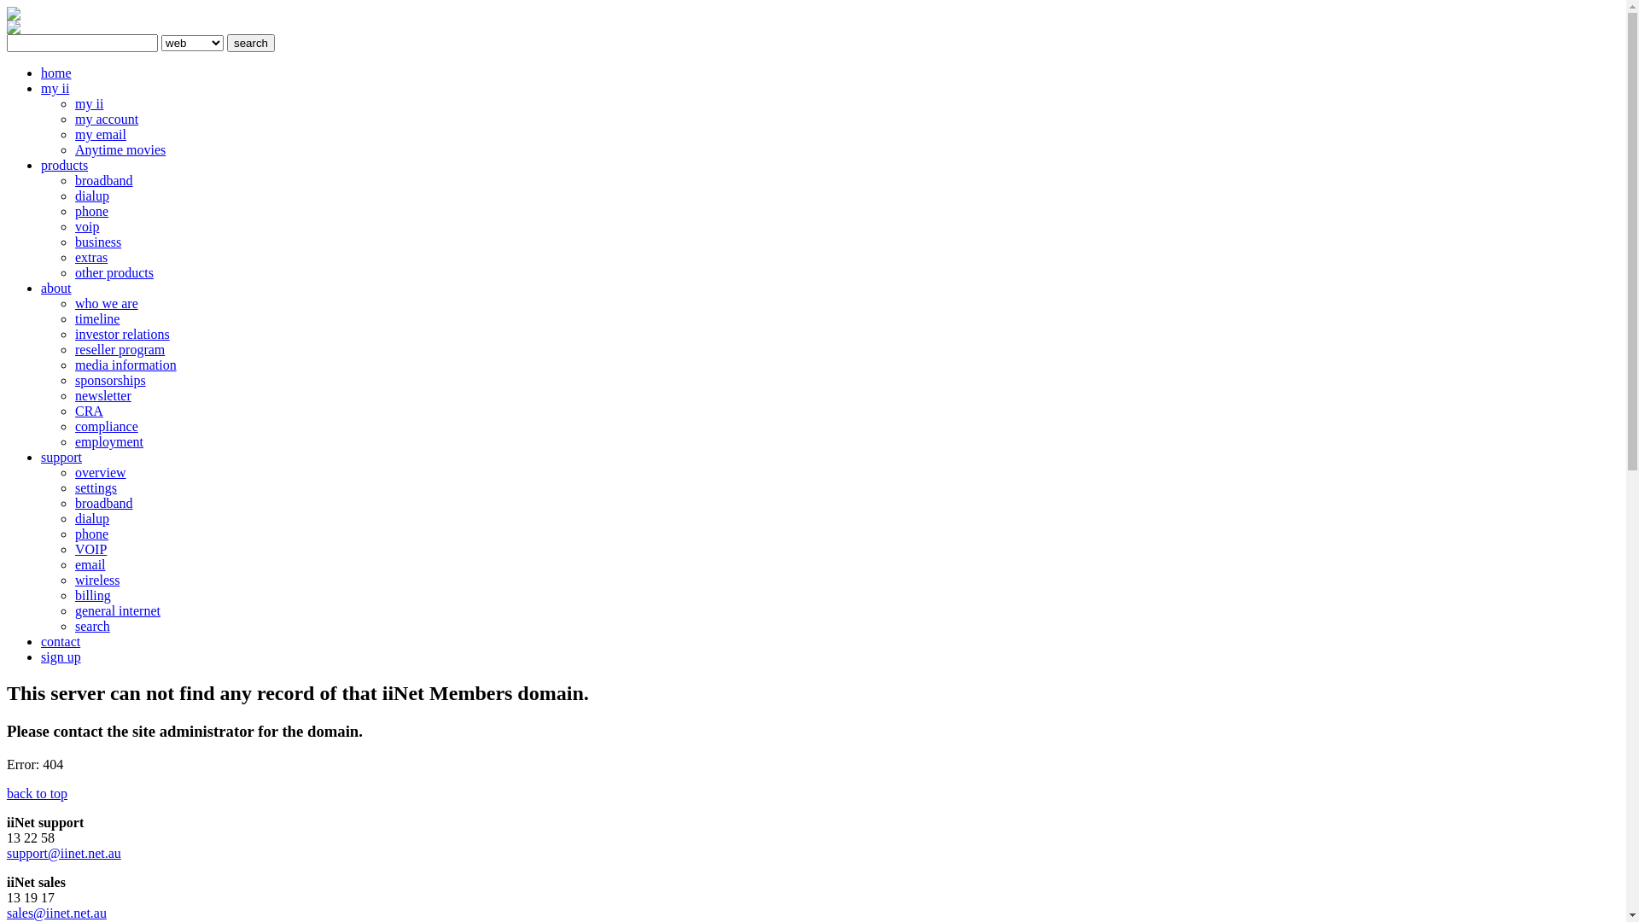  I want to click on 'contact', so click(61, 641).